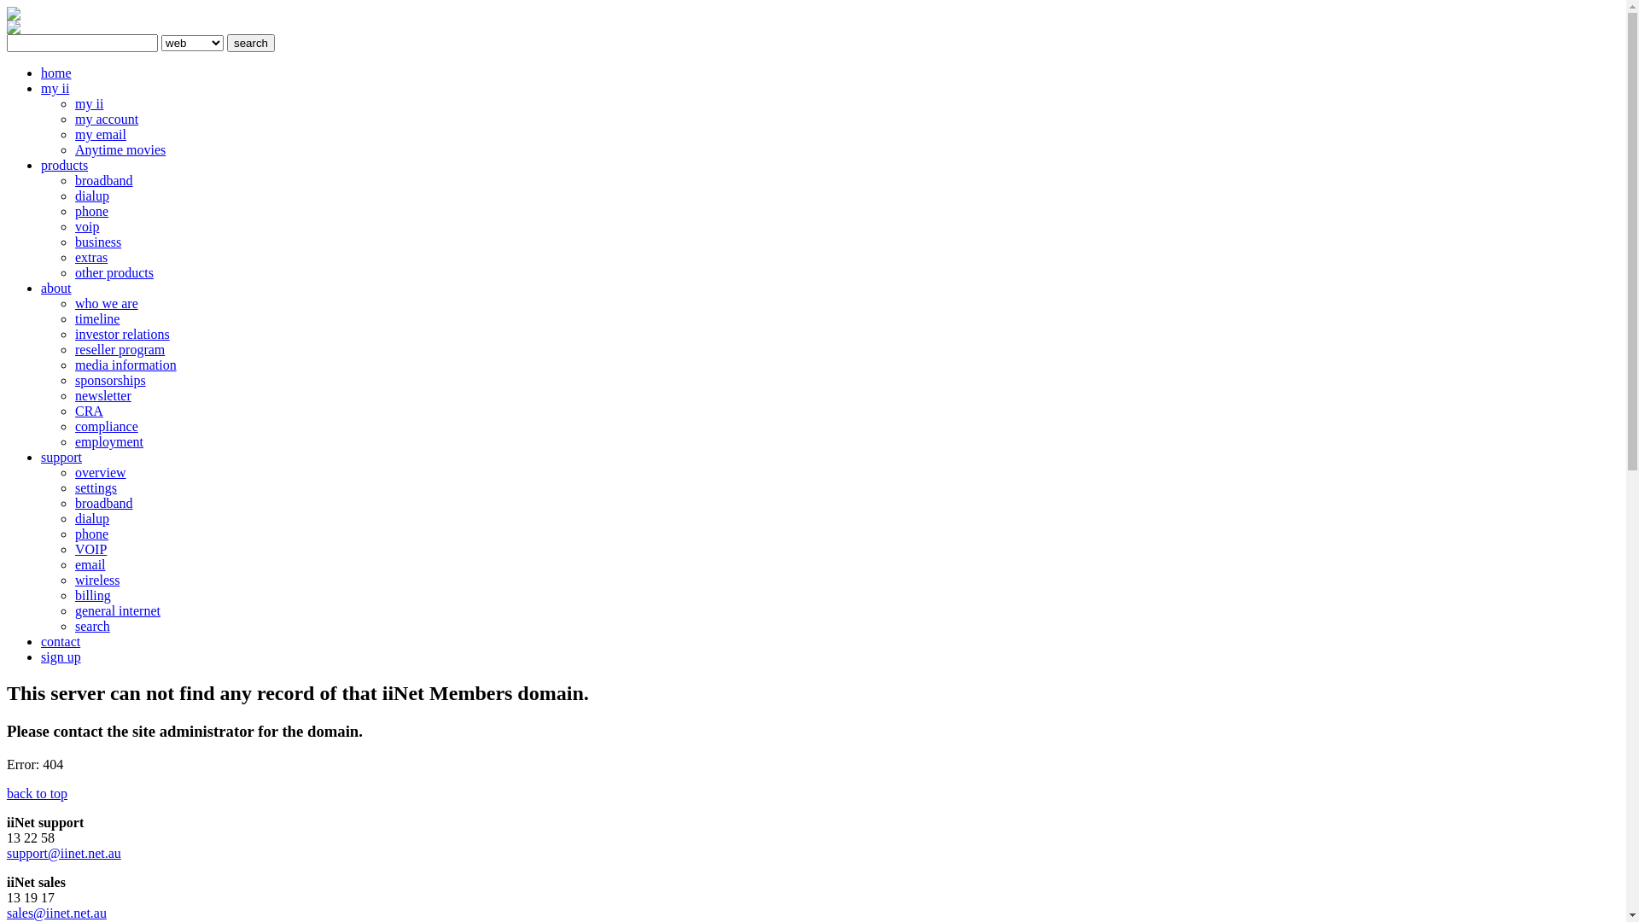  I want to click on 'contact', so click(61, 641).